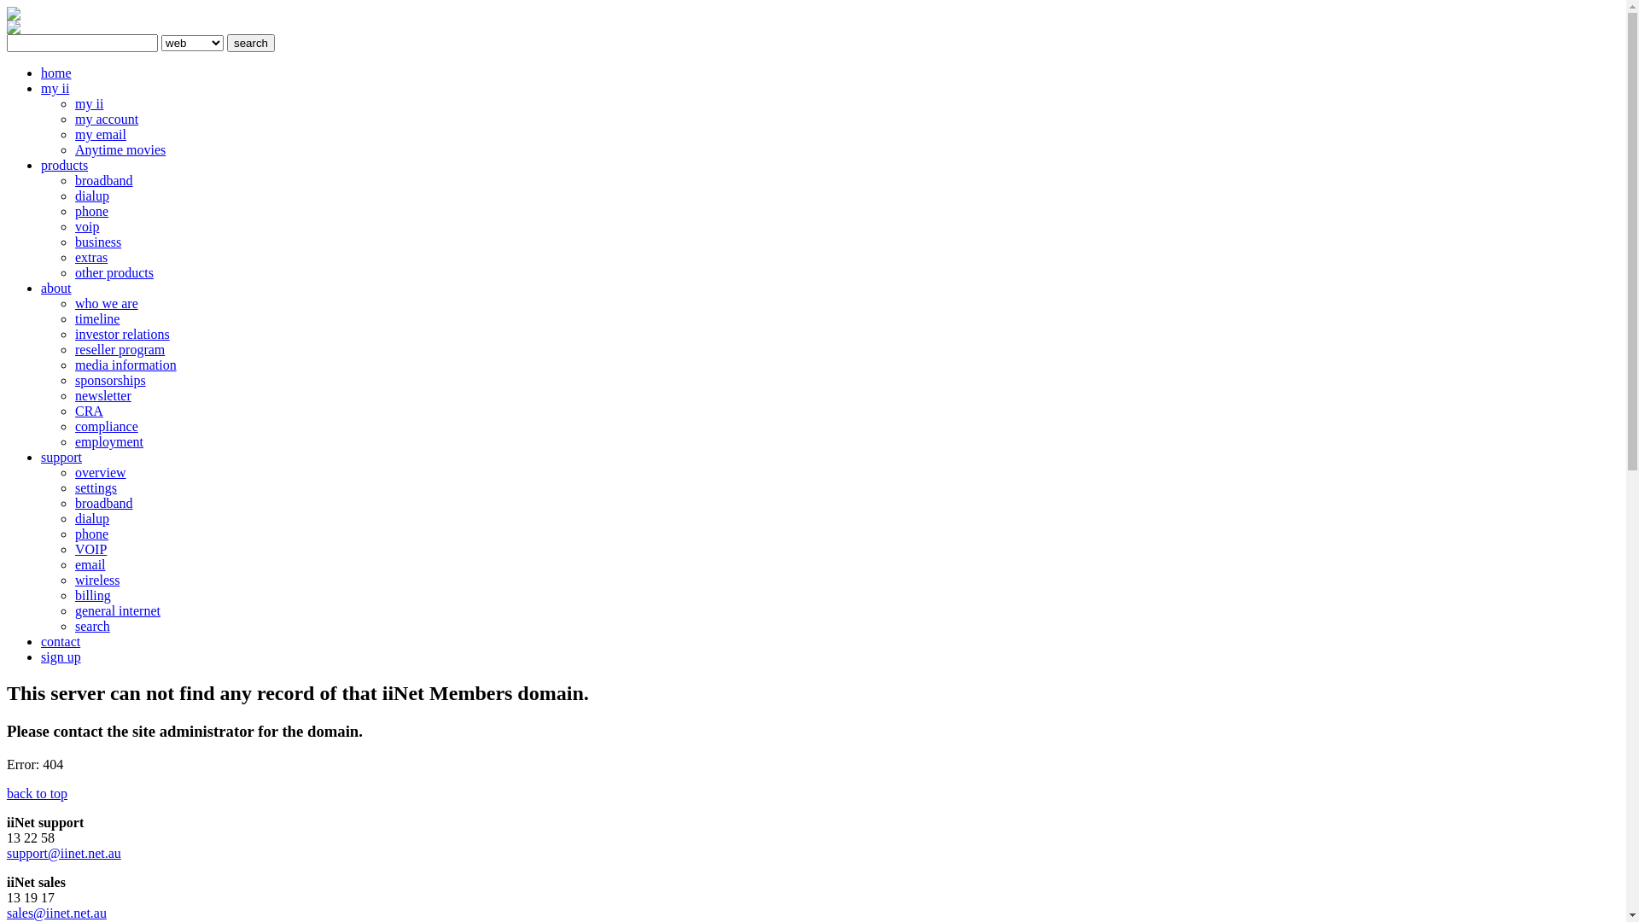  I want to click on 'contact', so click(61, 641).